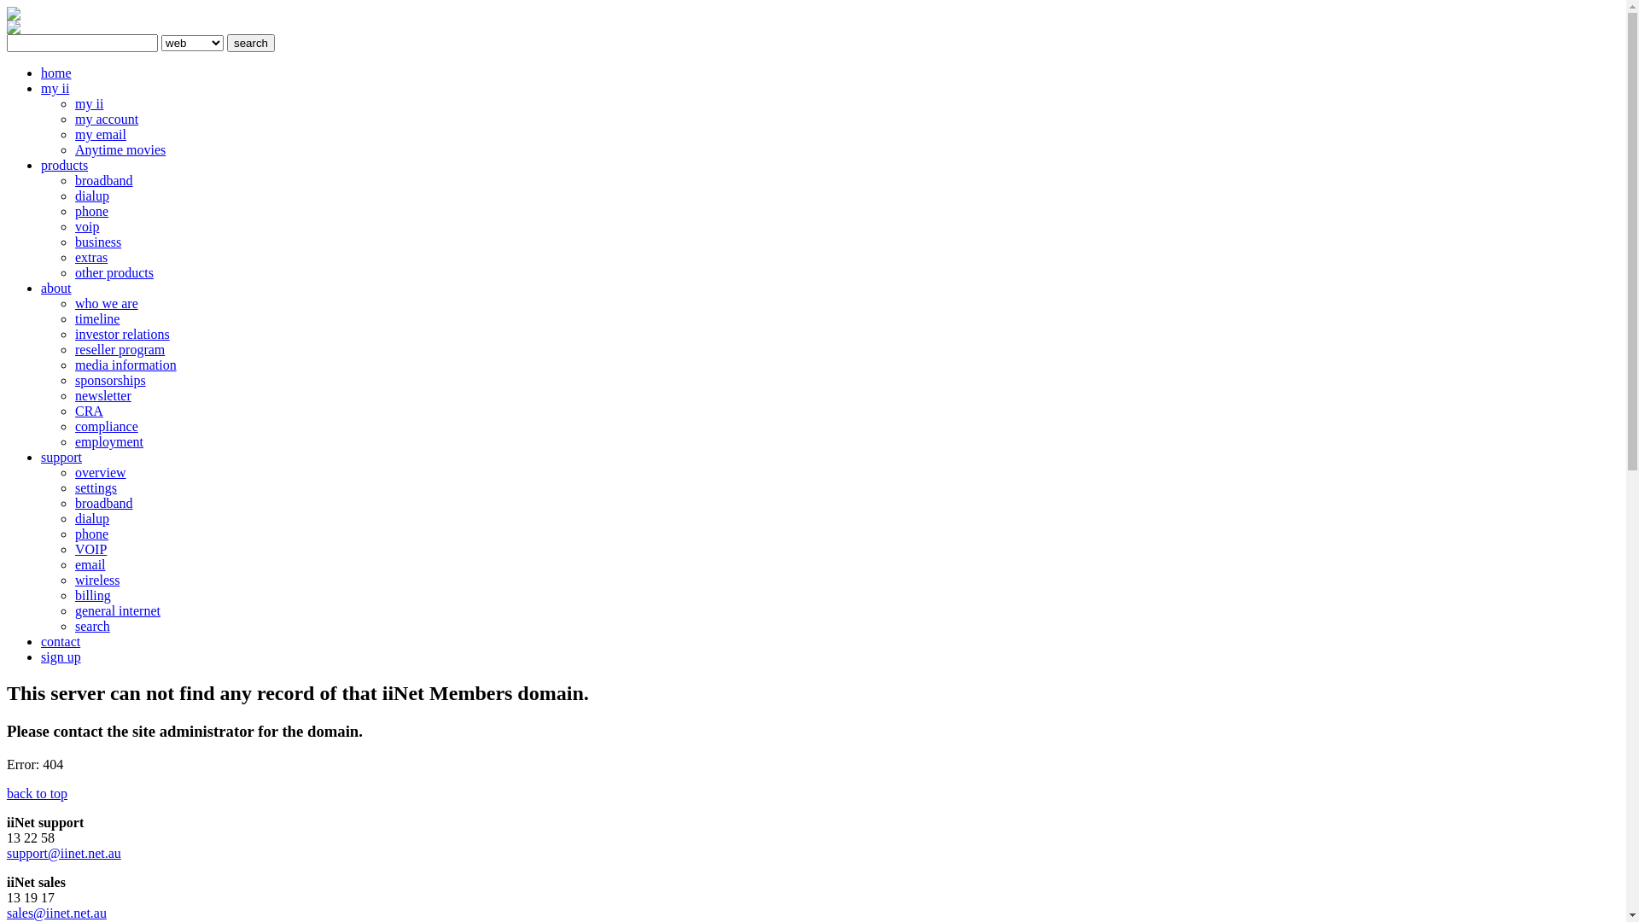  I want to click on 'contact', so click(61, 641).